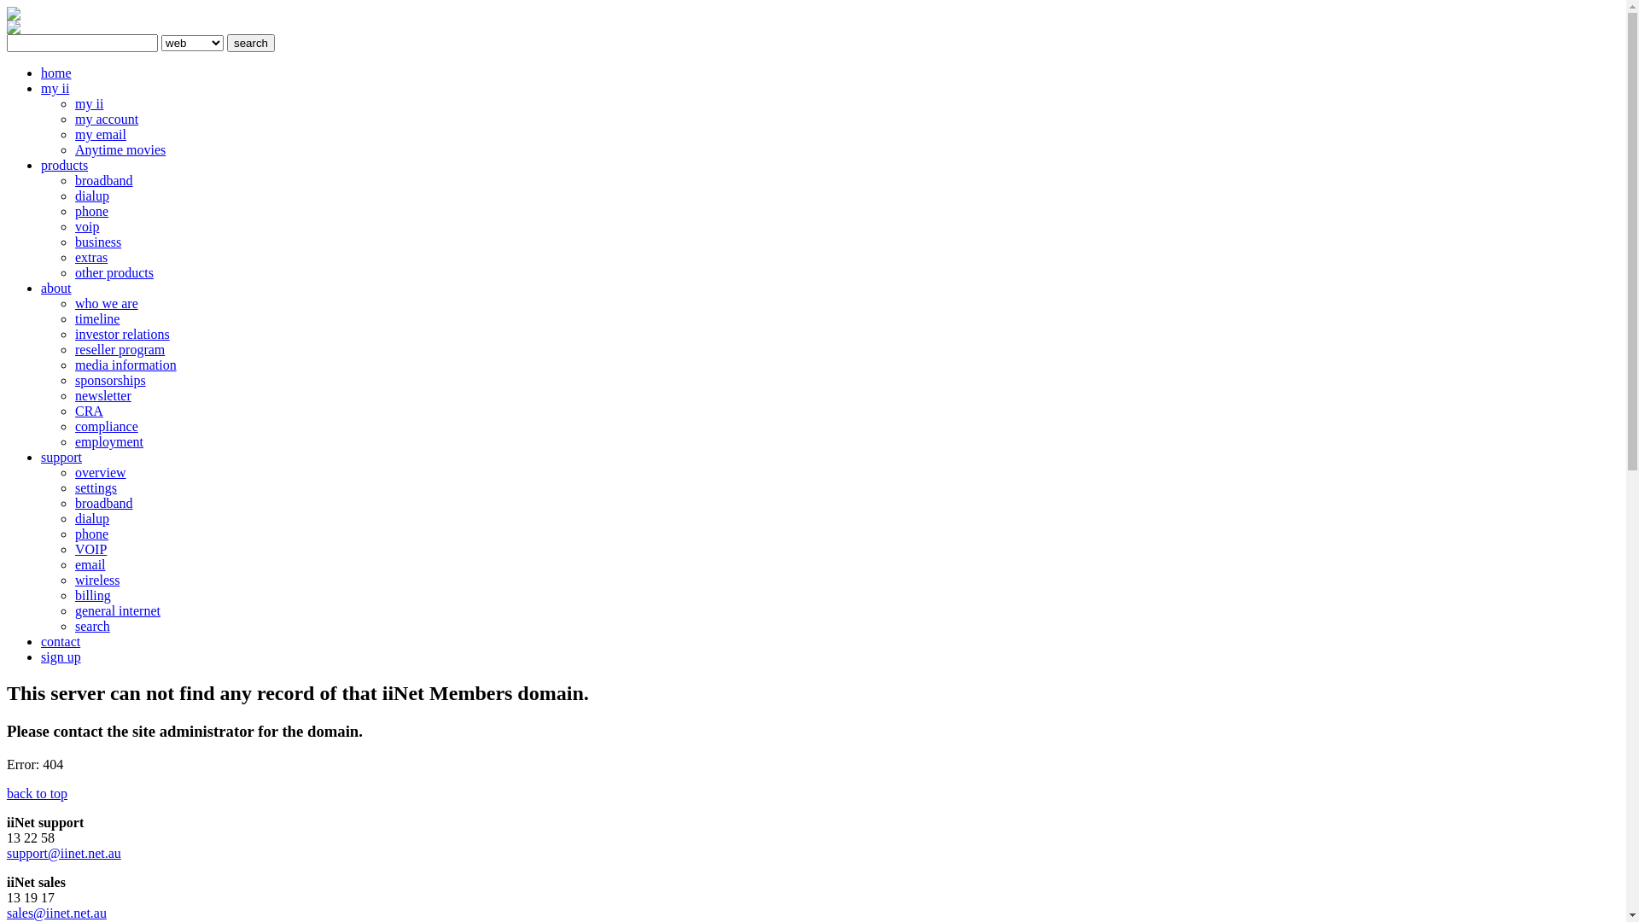  I want to click on 'contact', so click(61, 641).